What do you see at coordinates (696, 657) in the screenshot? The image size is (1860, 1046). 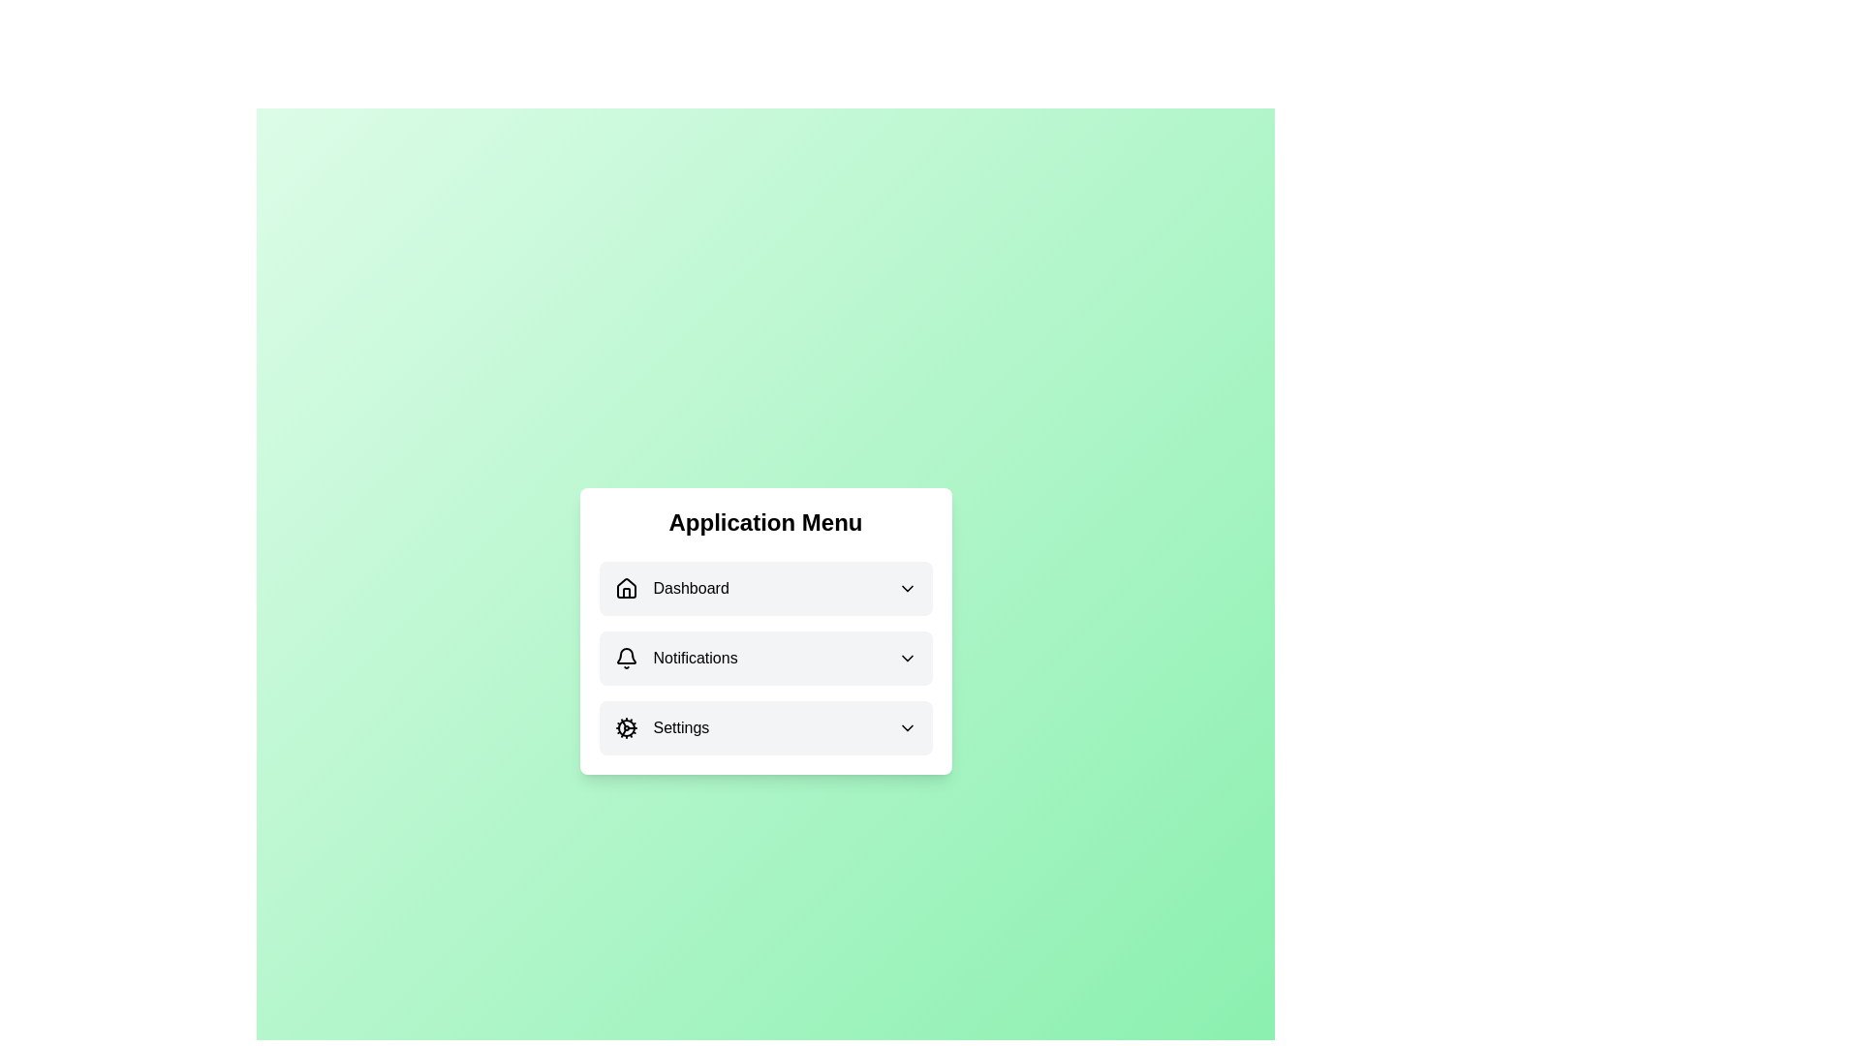 I see `text label that serves as the title for the notifications menu option, located in the middle-right section of the menu entry, positioned below 'Dashboard' and above 'Settings'` at bounding box center [696, 657].